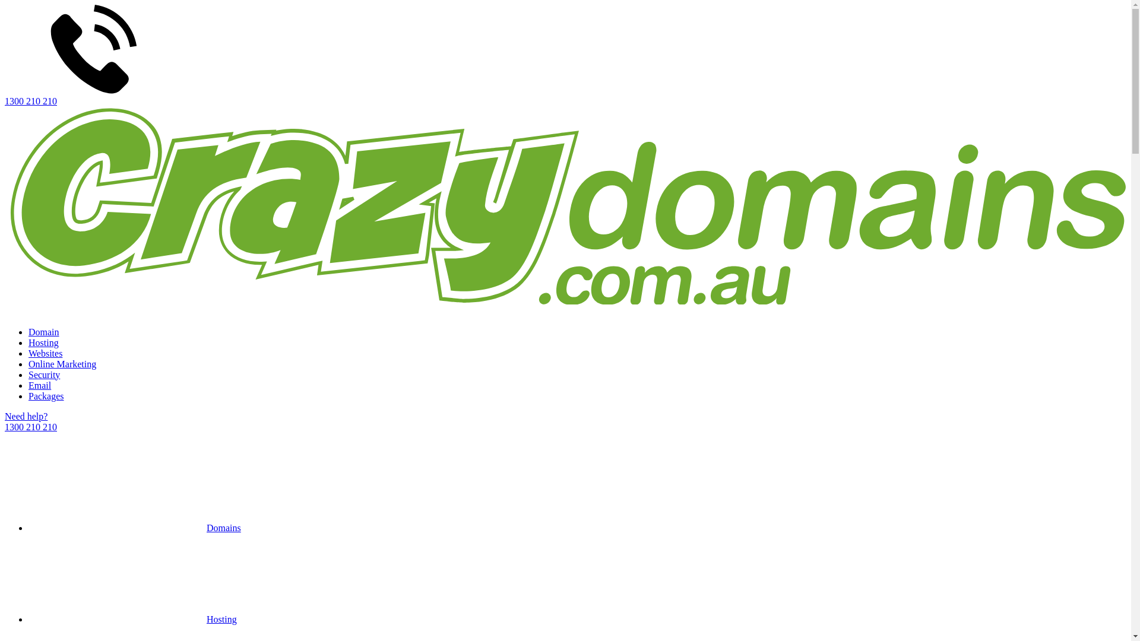 The height and width of the screenshot is (641, 1140). What do you see at coordinates (132, 618) in the screenshot?
I see `'Hosting'` at bounding box center [132, 618].